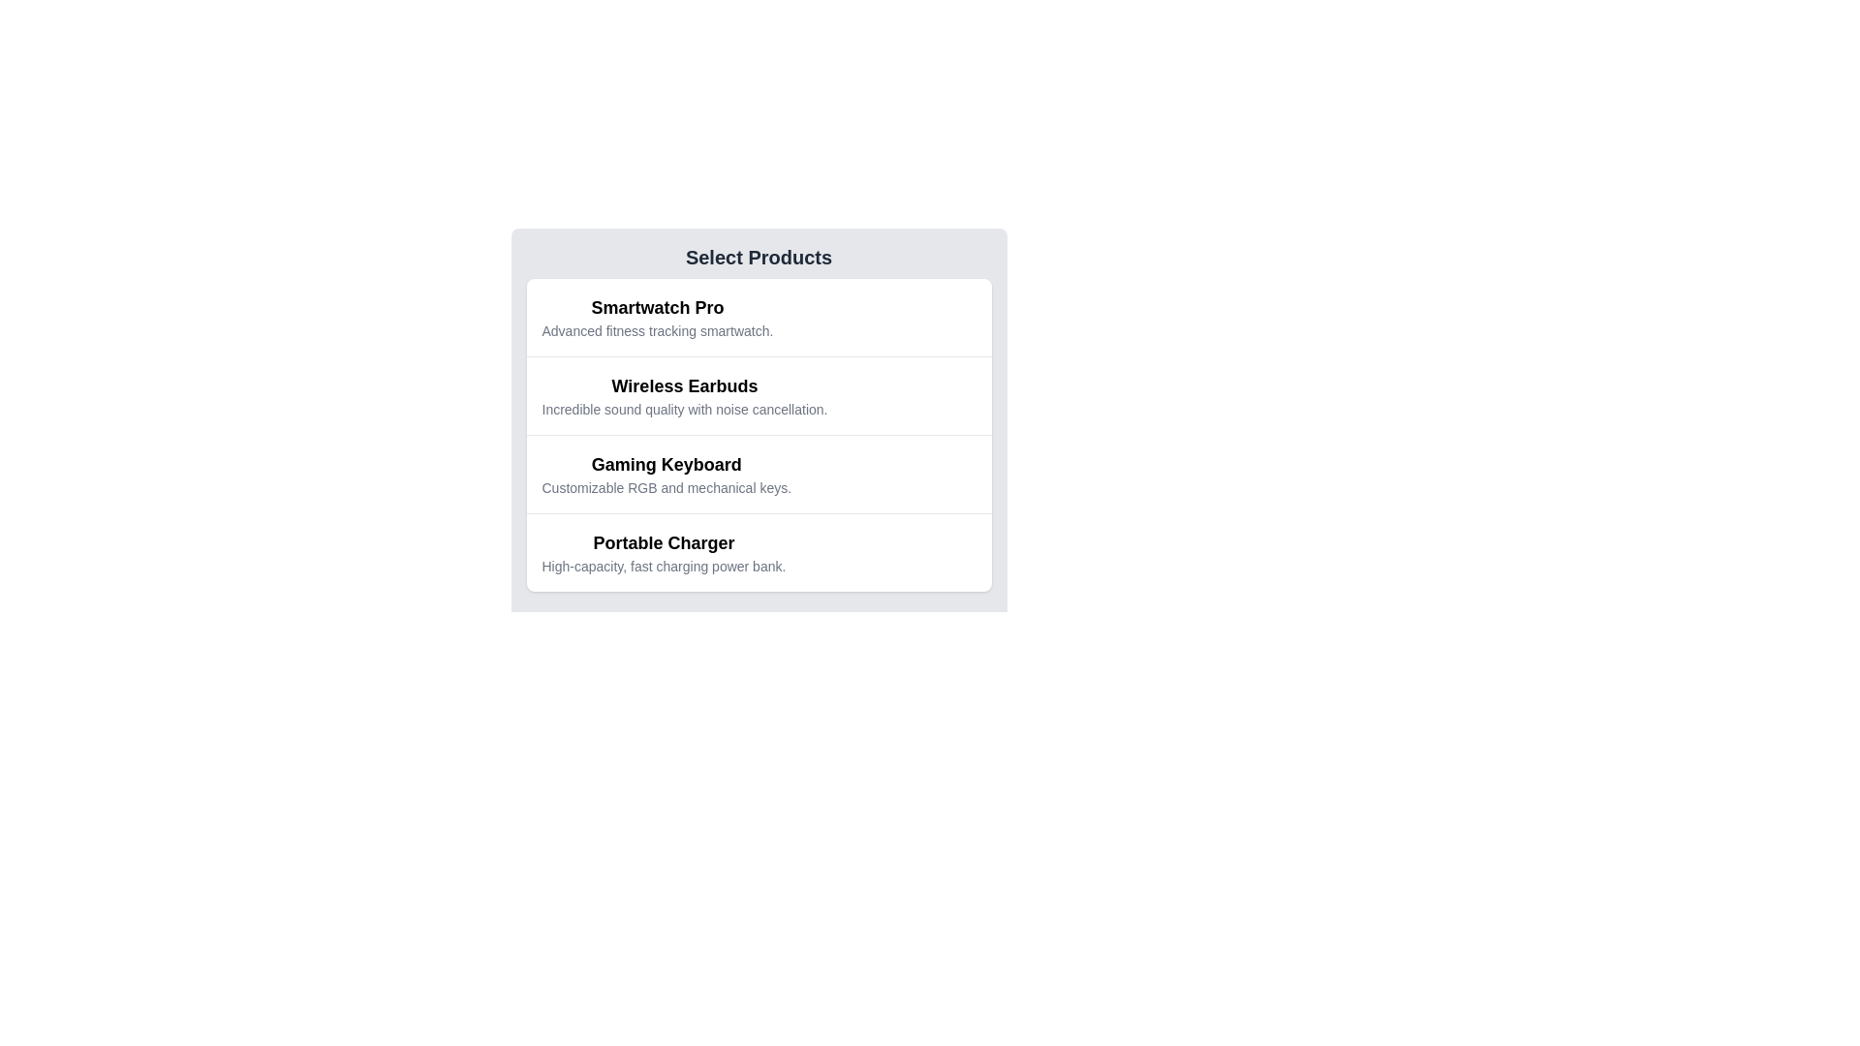 The image size is (1860, 1046). What do you see at coordinates (657, 330) in the screenshot?
I see `text snippet 'Advanced fitness tracking smartwatch.' located directly below the title 'Smartwatch Pro'` at bounding box center [657, 330].